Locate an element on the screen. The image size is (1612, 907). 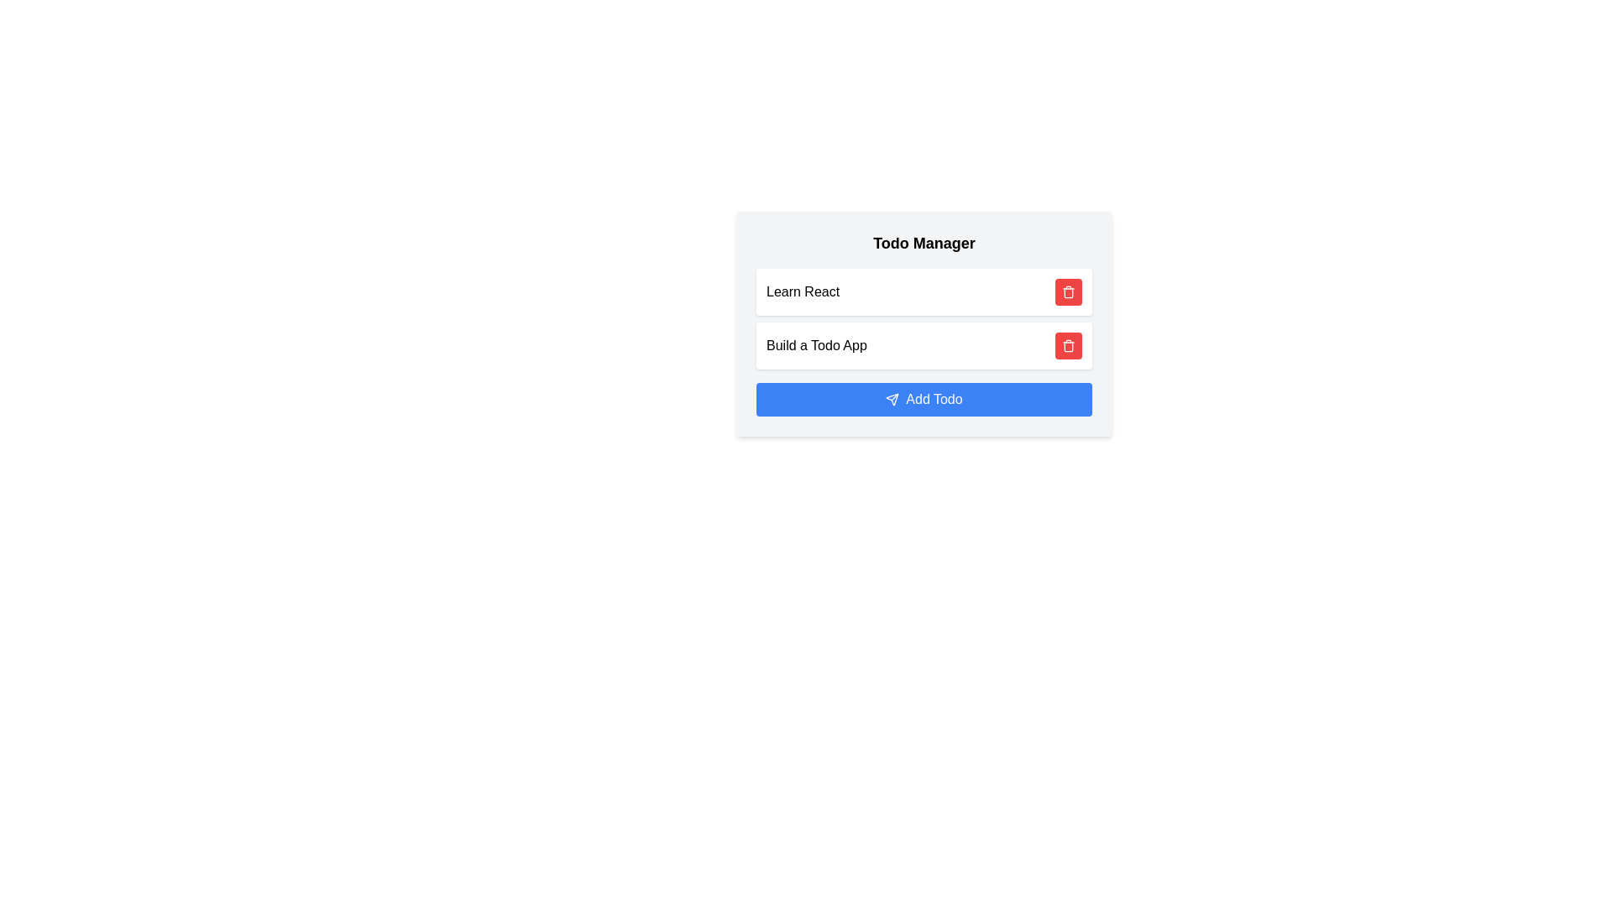
text of the inline label 'Add Todo' located within the blue button at the bottom of the 'Todo Manager' interface, centered horizontally in the card is located at coordinates (934, 399).